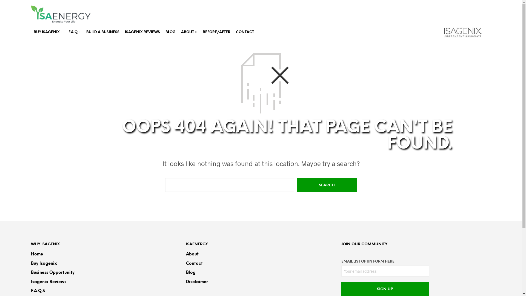 This screenshot has height=296, width=526. Describe the element at coordinates (37, 291) in the screenshot. I see `'F.A.Q.S'` at that location.